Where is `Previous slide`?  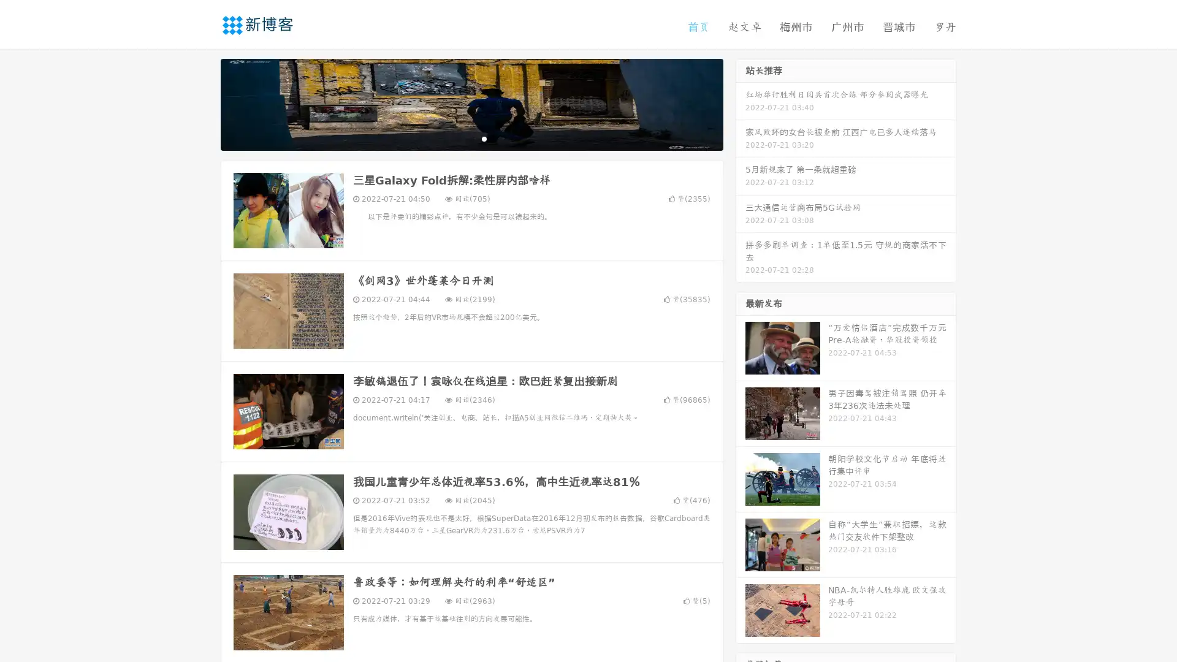
Previous slide is located at coordinates (202, 103).